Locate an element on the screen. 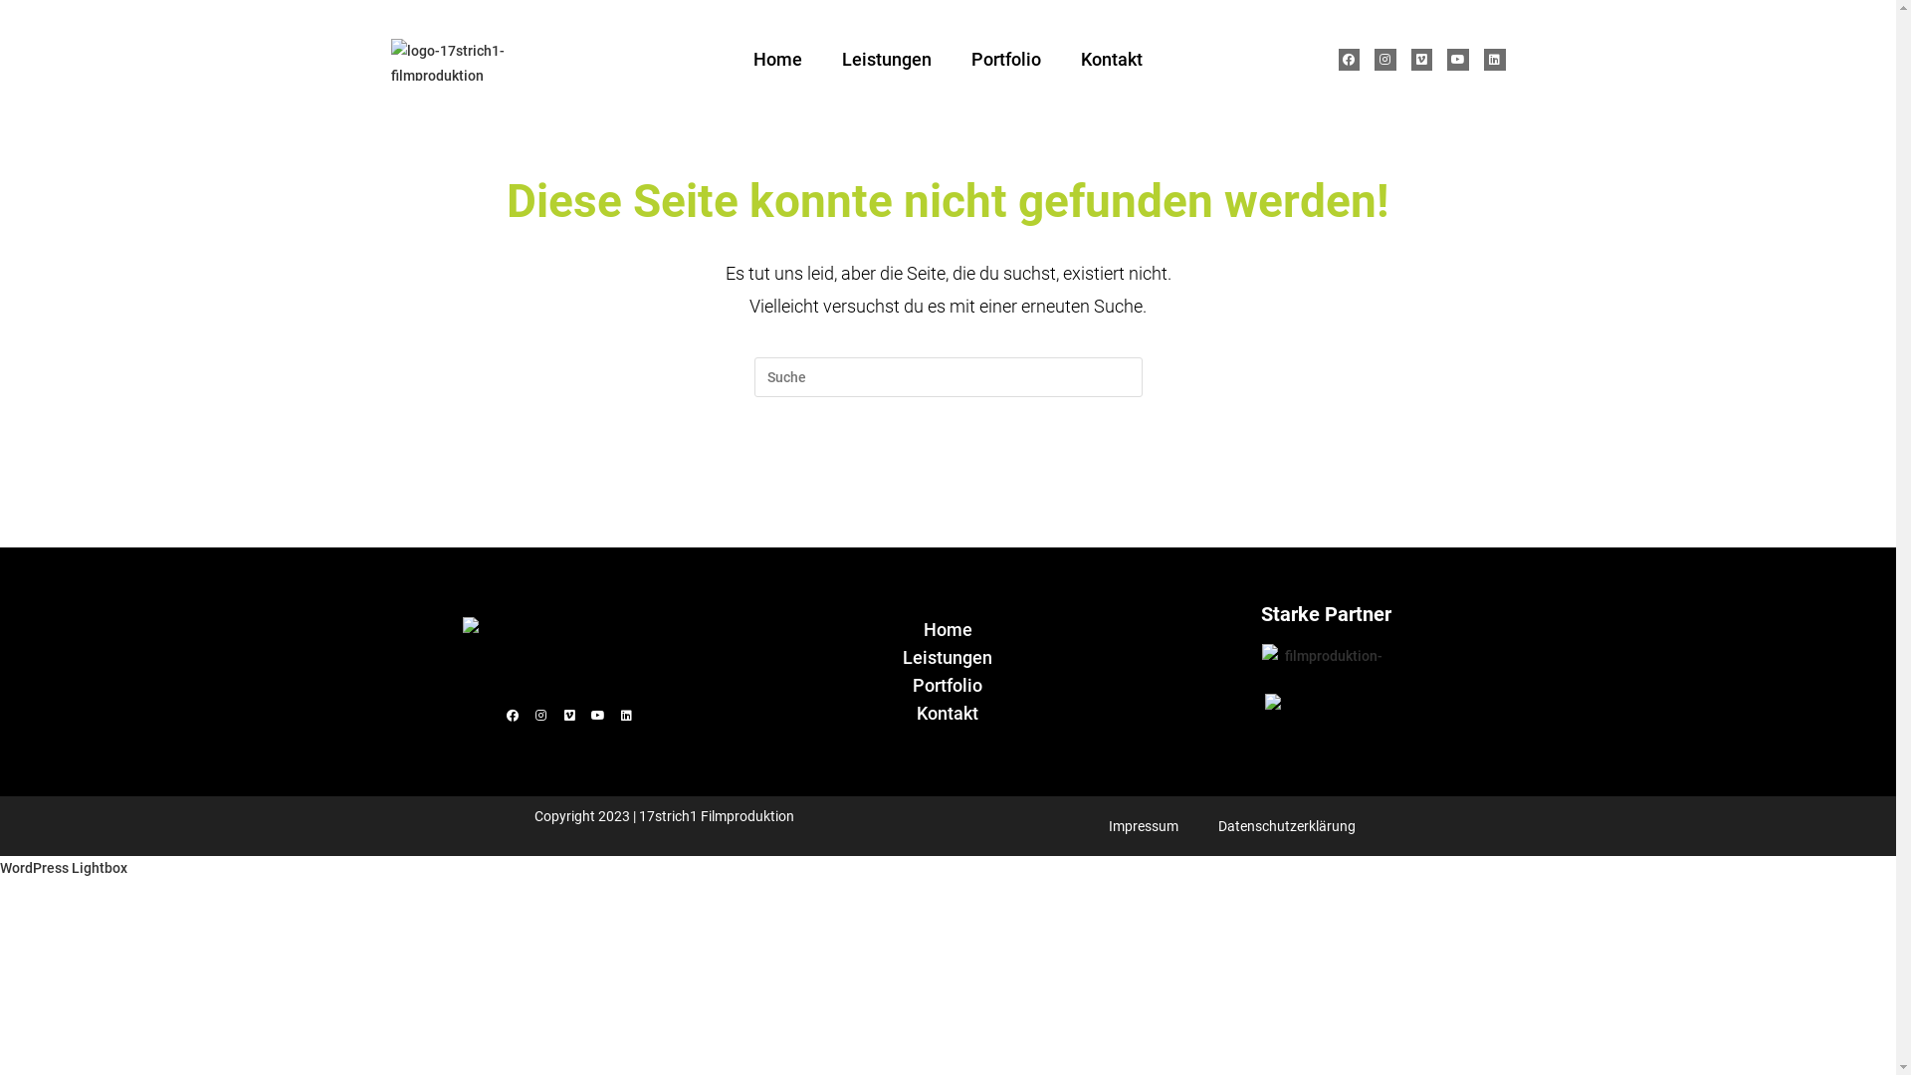  'Kontakt' is located at coordinates (946, 713).